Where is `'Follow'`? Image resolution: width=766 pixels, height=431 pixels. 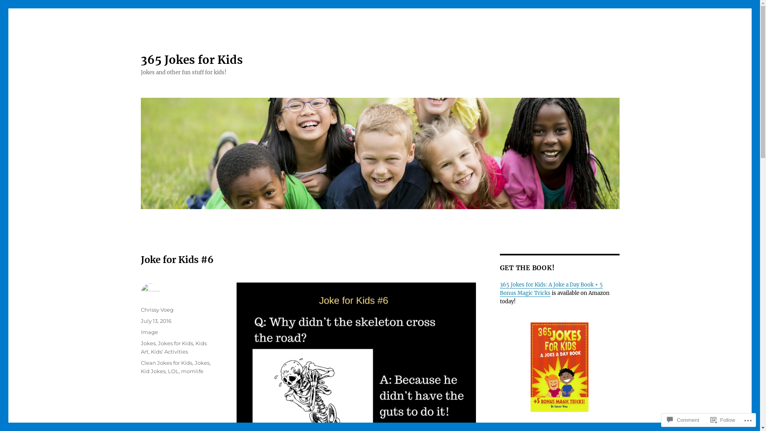 'Follow' is located at coordinates (723, 419).